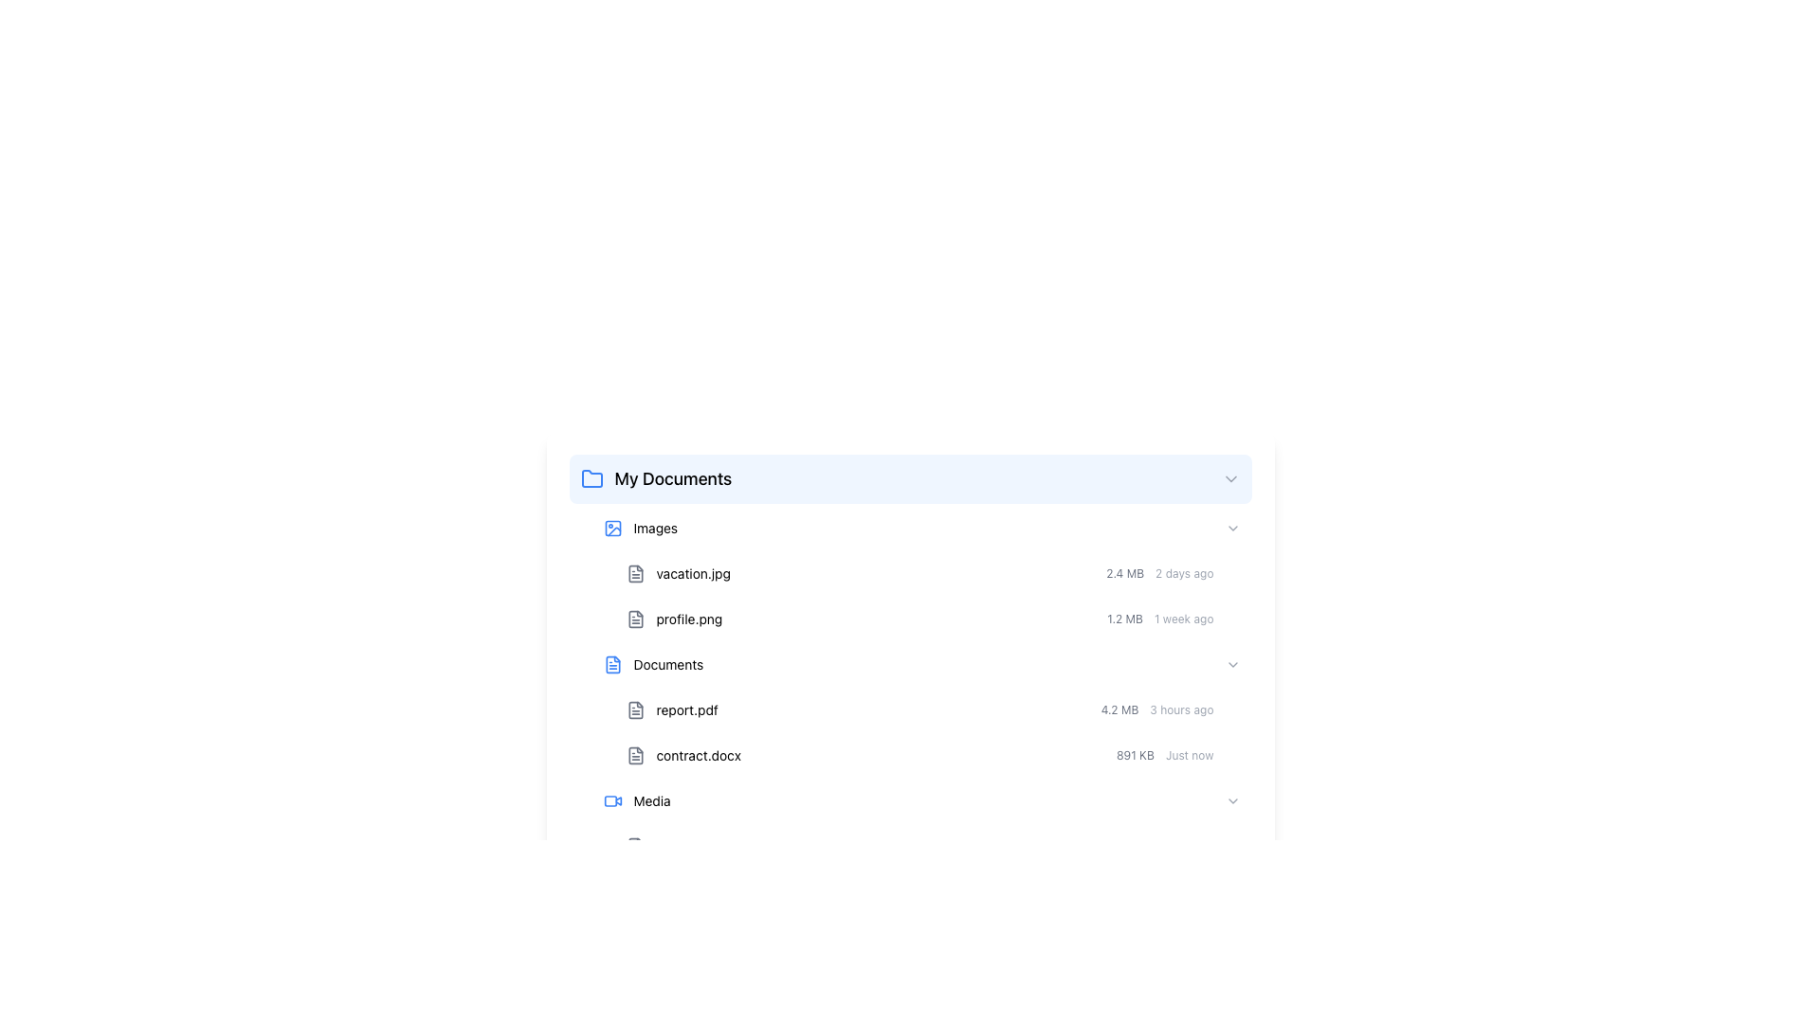 Image resolution: width=1820 pixels, height=1023 pixels. Describe the element at coordinates (921, 572) in the screenshot. I see `to select the first file group within the 'Images' category in the document manager interface` at that location.